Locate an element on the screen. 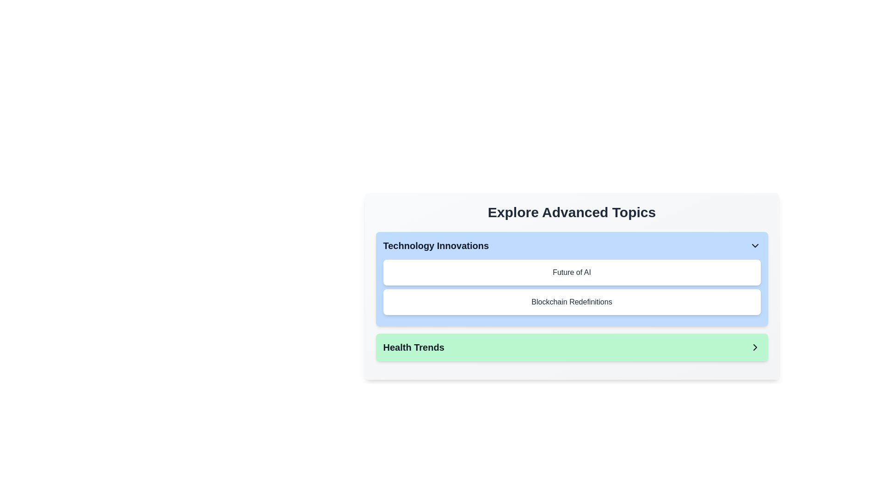 This screenshot has height=499, width=888. text of the 'Blockchain Redefinitions' label located within the white, rounded rectangle card in the 'Technology Innovations' section of the 'Explore Advanced Topics' interface is located at coordinates (571, 302).